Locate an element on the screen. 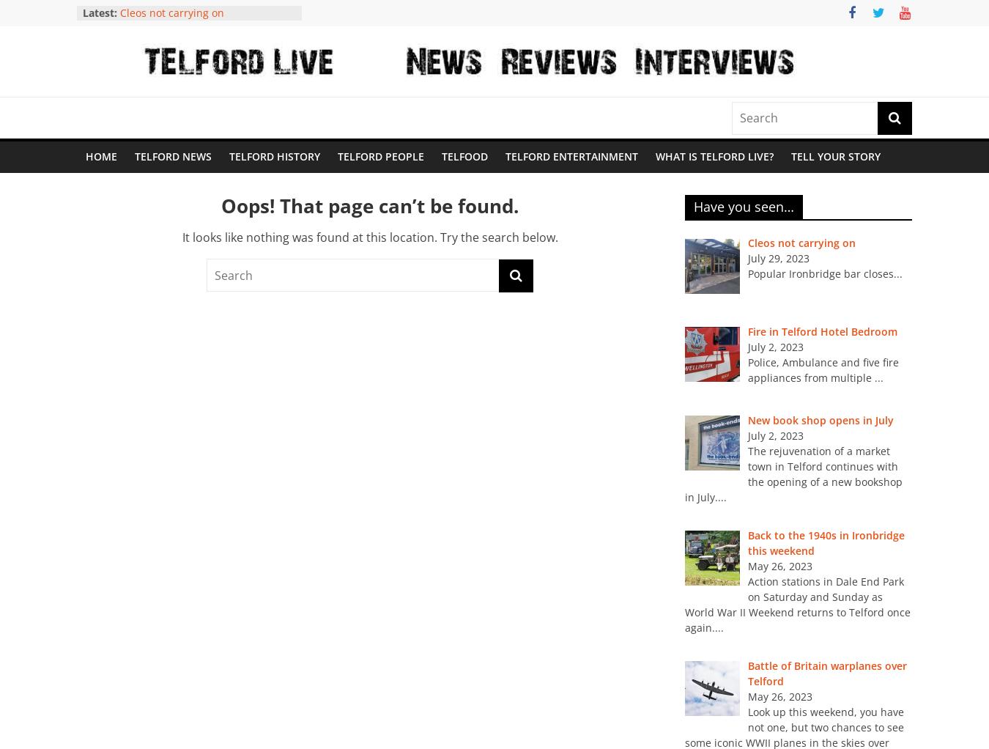  'July 29, 2023' is located at coordinates (778, 258).